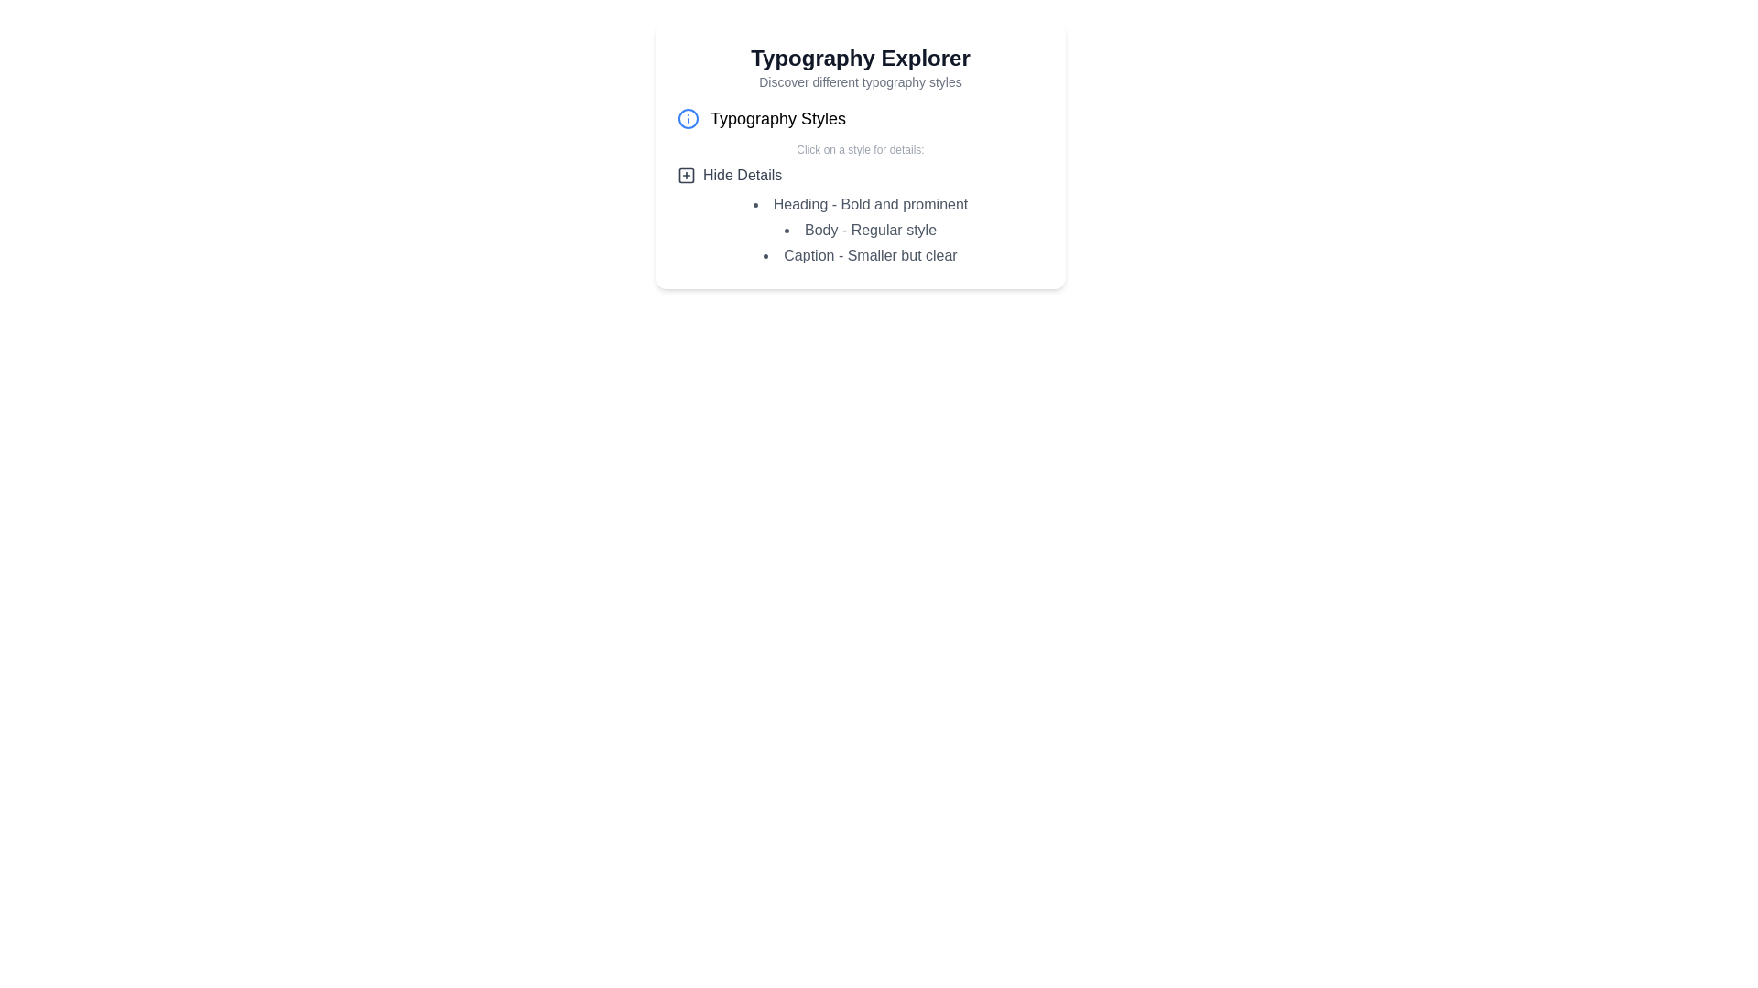 Image resolution: width=1758 pixels, height=988 pixels. I want to click on the informational icon located to the left of the text 'Typography Styles' to obtain more details, so click(688, 119).